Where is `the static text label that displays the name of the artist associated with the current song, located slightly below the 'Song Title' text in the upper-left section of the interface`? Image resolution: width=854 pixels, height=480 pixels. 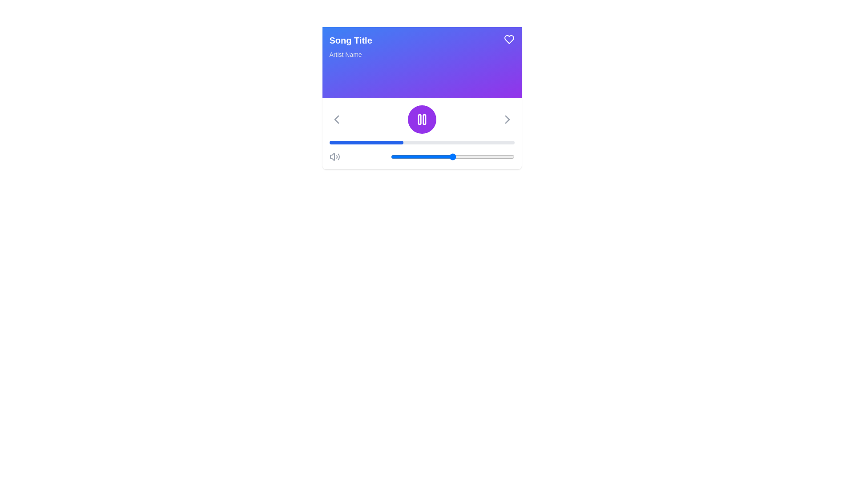 the static text label that displays the name of the artist associated with the current song, located slightly below the 'Song Title' text in the upper-left section of the interface is located at coordinates (345, 55).